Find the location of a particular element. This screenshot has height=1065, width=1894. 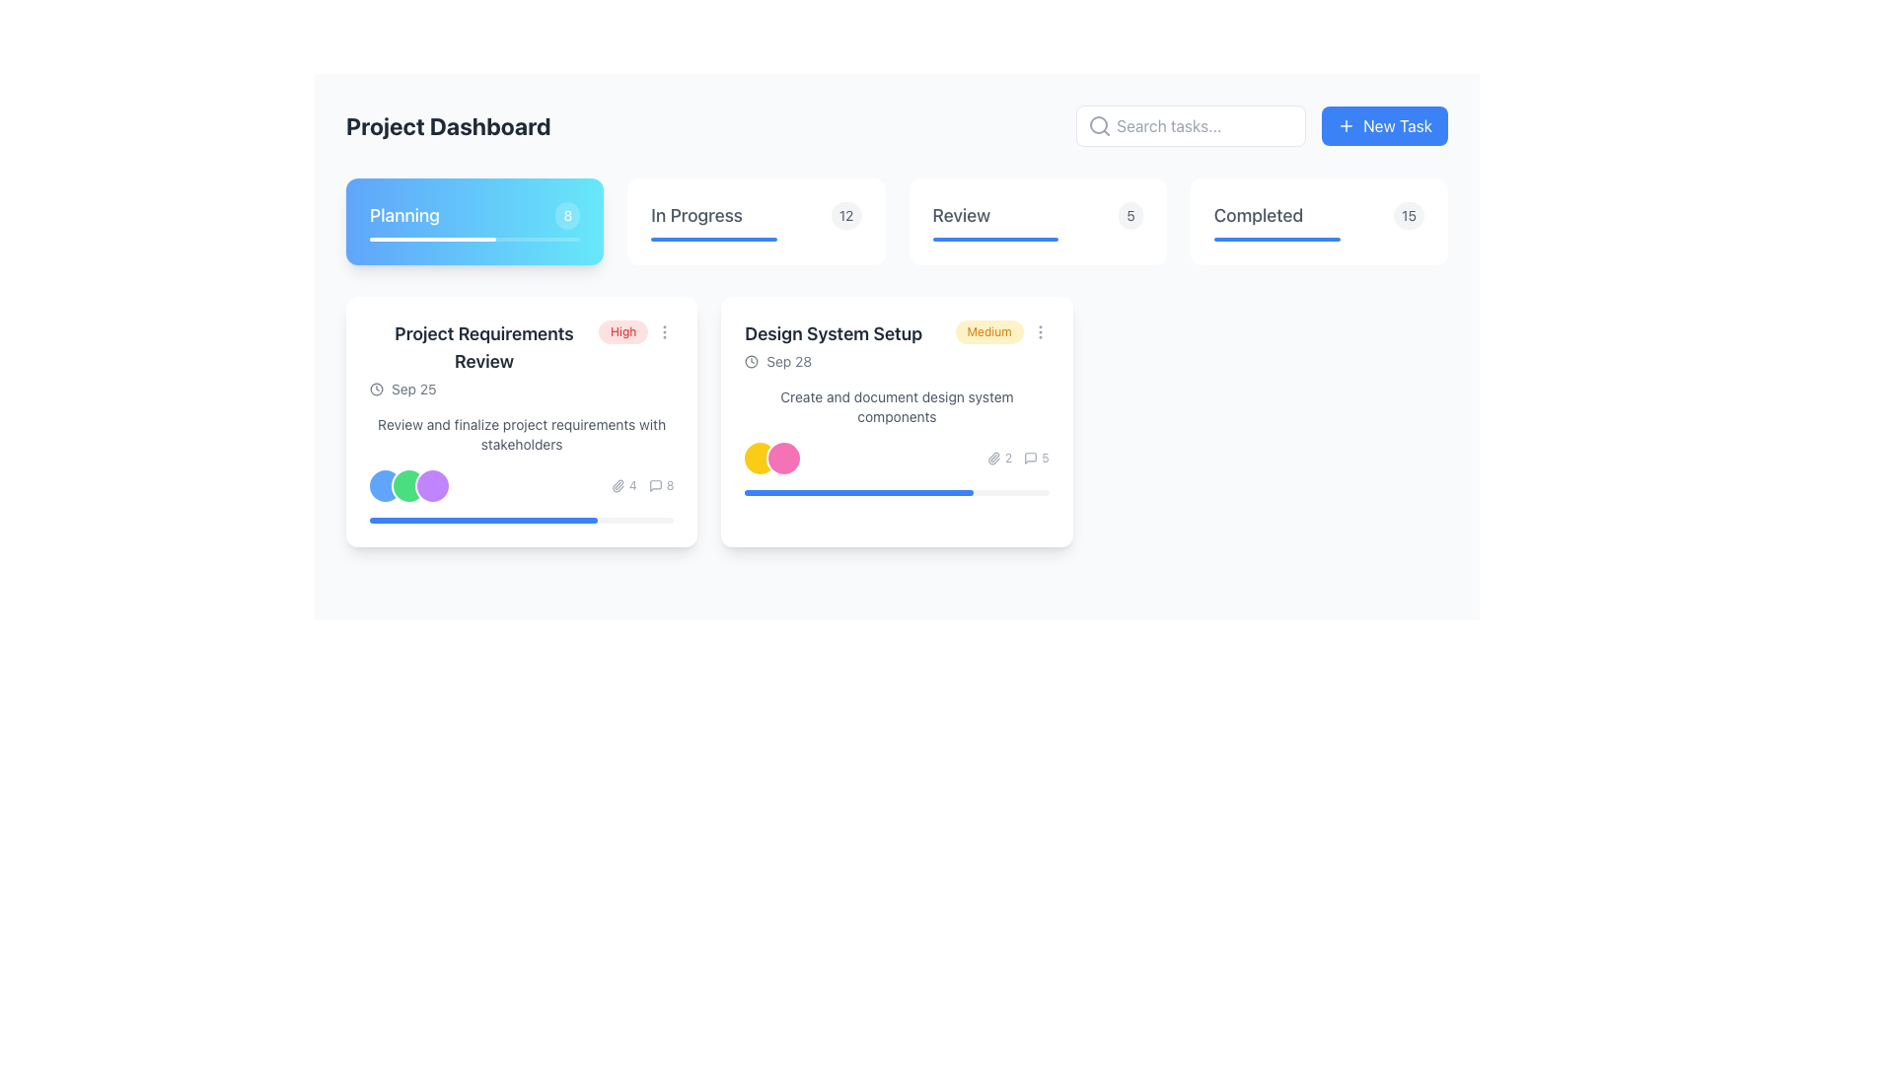

the 'Completed' tasks count Badge located in the top-right corner of the task status categories horizontal bar is located at coordinates (1408, 216).